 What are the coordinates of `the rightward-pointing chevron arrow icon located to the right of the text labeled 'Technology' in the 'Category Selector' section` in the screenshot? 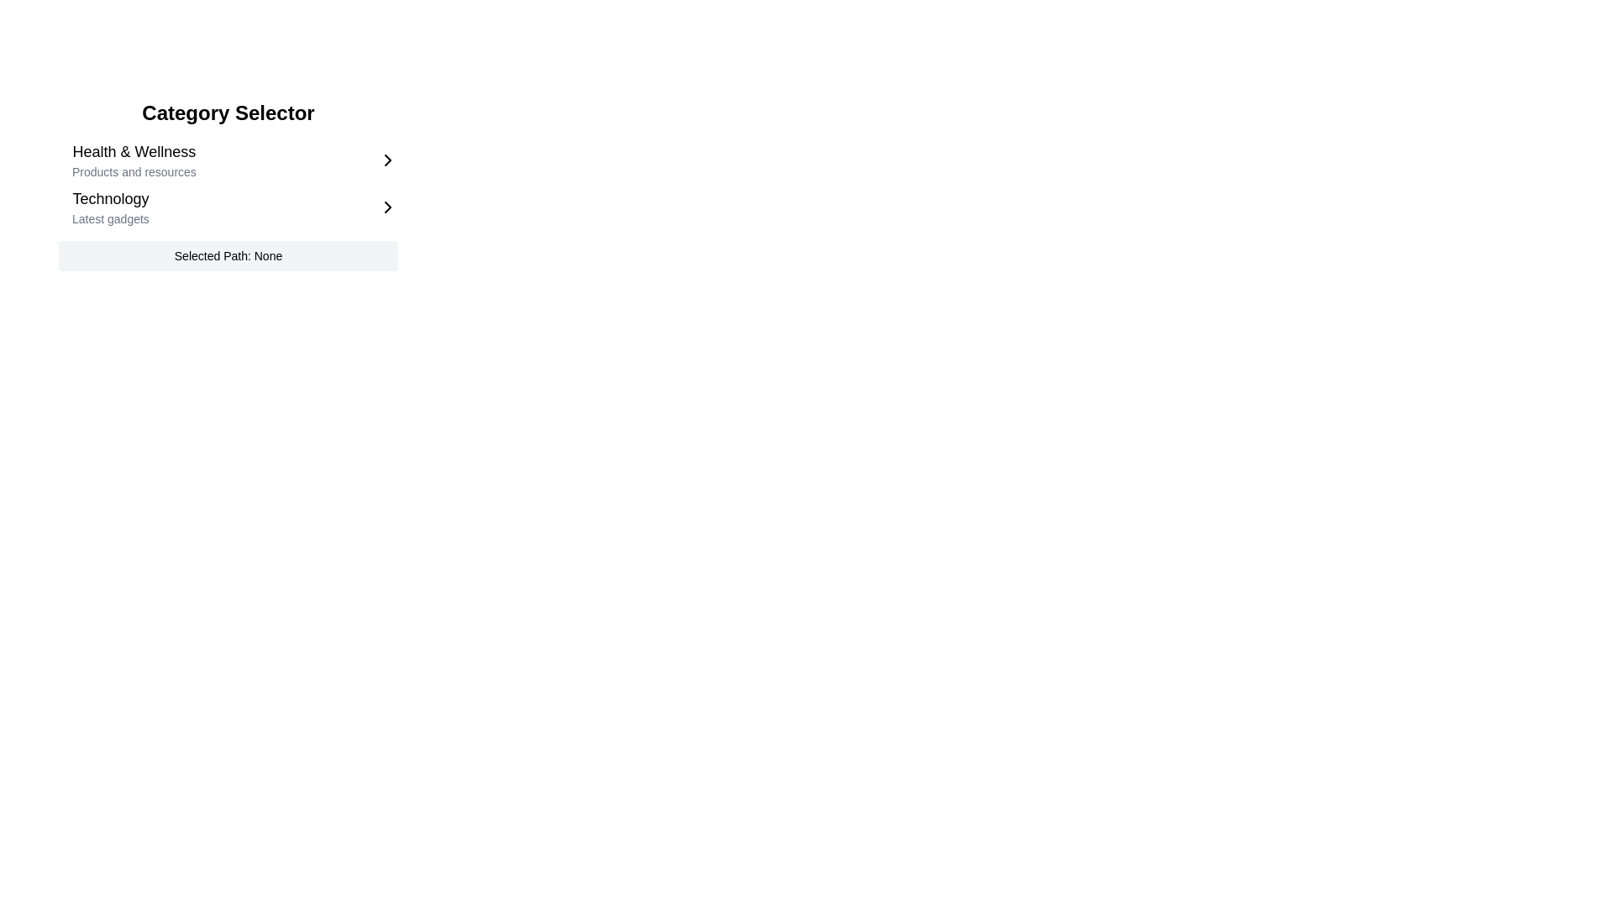 It's located at (386, 206).